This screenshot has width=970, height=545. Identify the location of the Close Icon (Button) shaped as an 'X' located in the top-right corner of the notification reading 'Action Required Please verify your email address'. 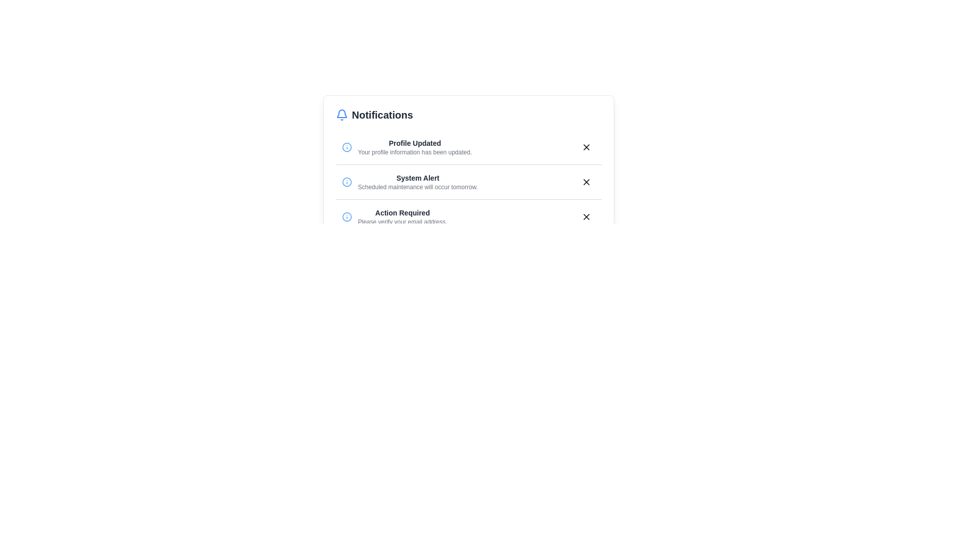
(586, 216).